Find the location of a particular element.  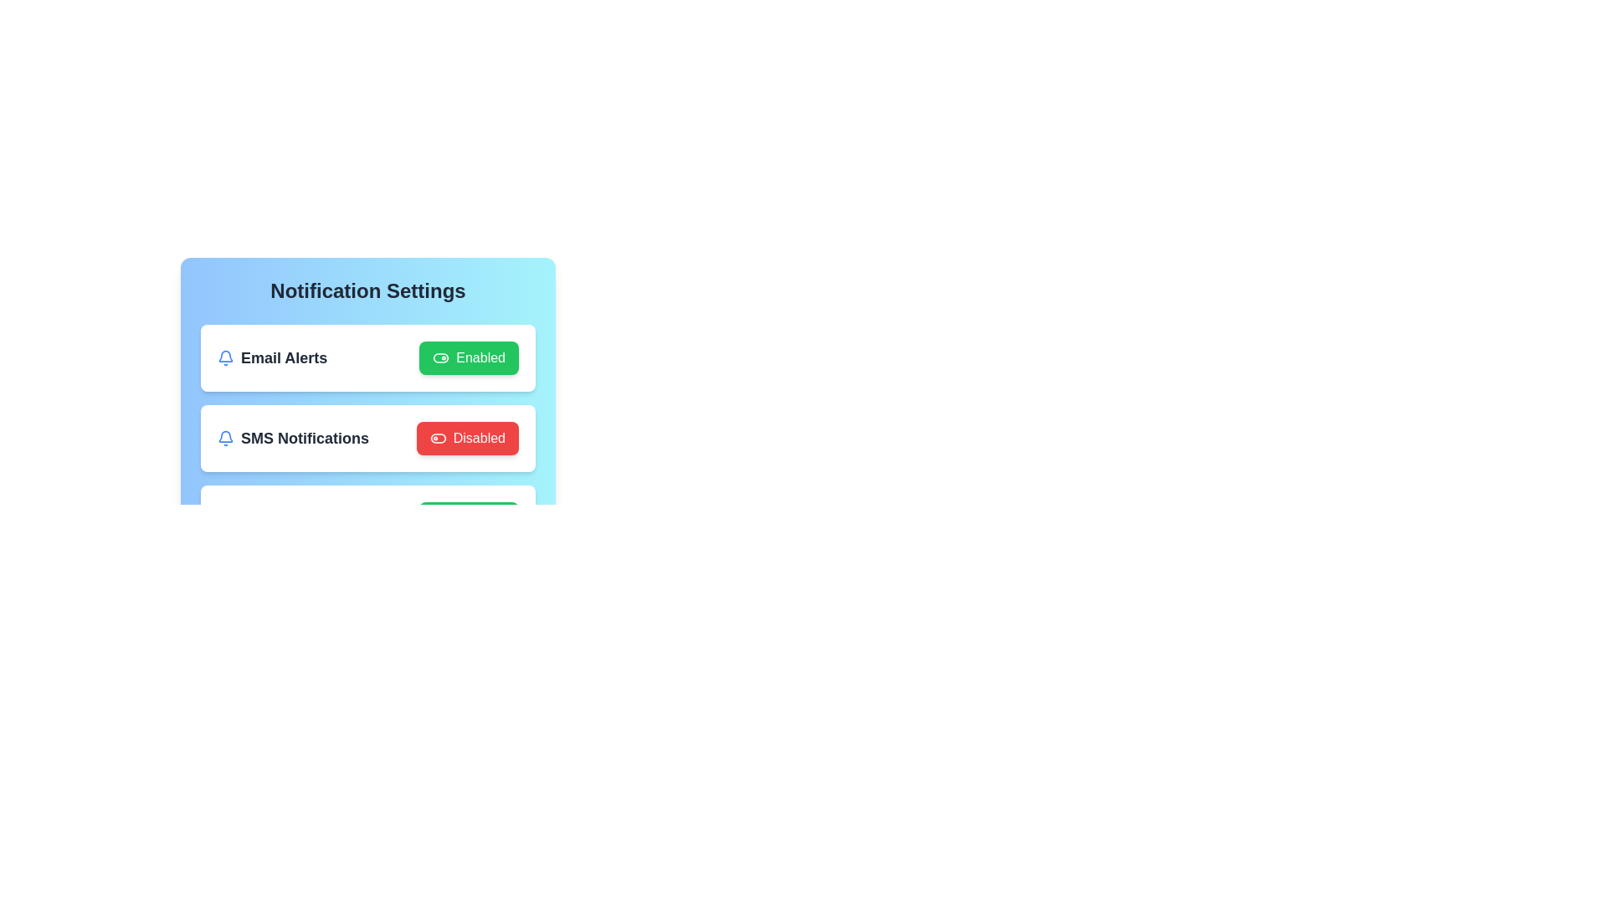

the button corresponding to SMS Notifications is located at coordinates (466, 438).